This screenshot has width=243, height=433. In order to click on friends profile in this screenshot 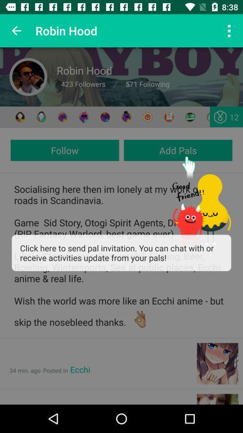, I will do `click(40, 116)`.